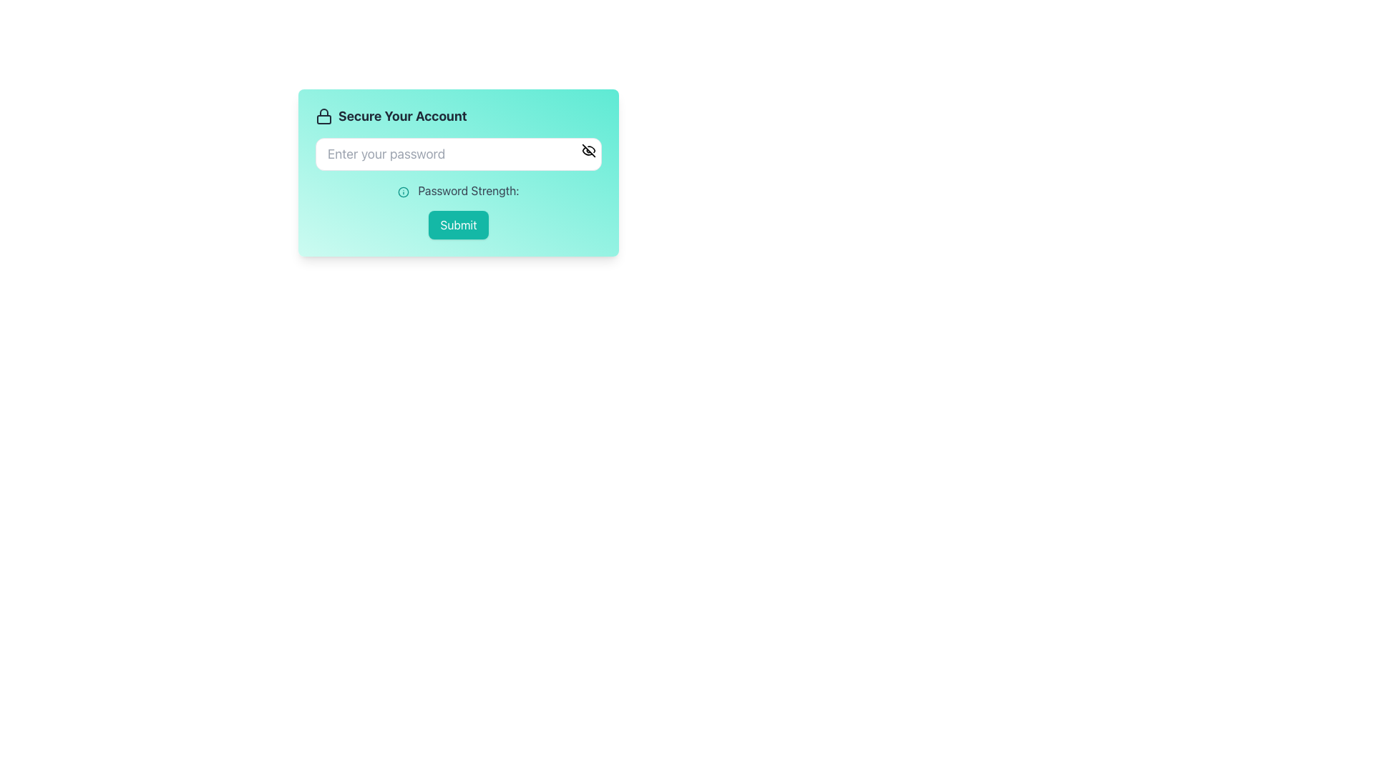 Image resolution: width=1374 pixels, height=772 pixels. Describe the element at coordinates (403, 191) in the screenshot. I see `the circular SVG graphic that serves as the background for the information icon in the password strength section` at that location.